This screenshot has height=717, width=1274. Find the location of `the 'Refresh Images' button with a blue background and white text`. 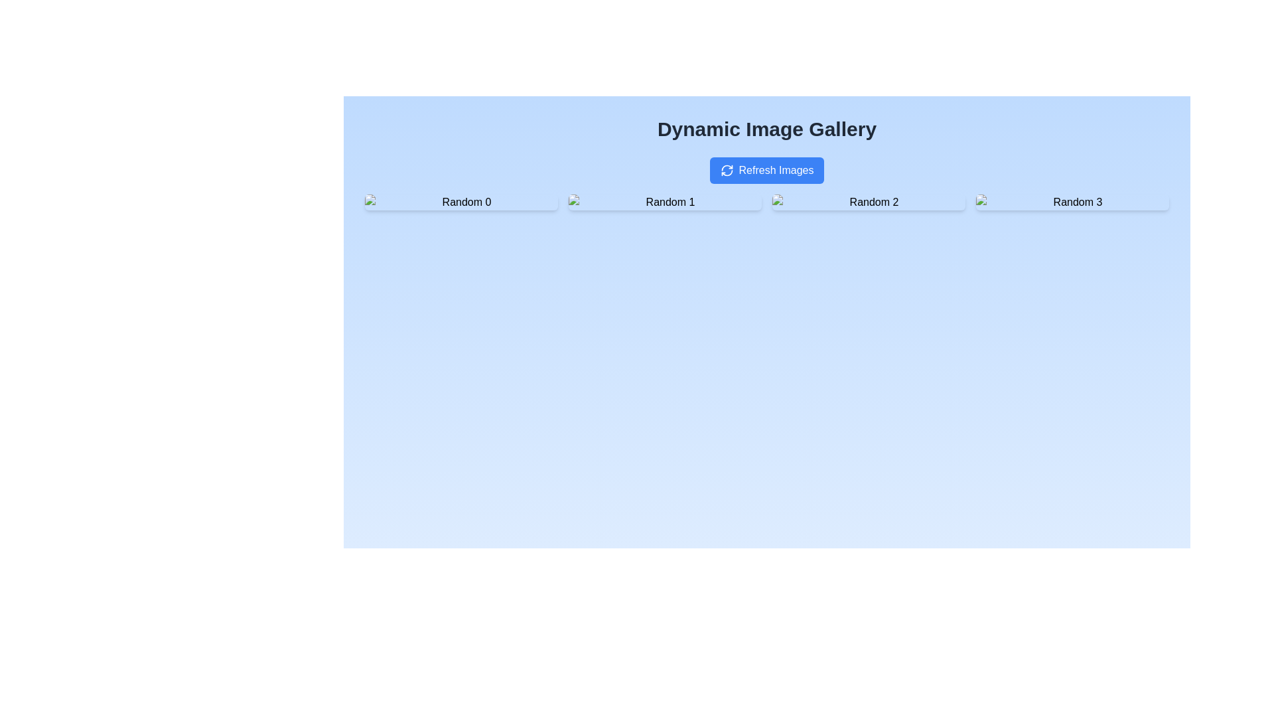

the 'Refresh Images' button with a blue background and white text is located at coordinates (767, 170).